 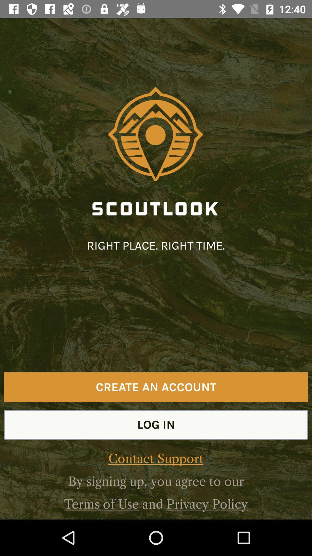 What do you see at coordinates (101, 504) in the screenshot?
I see `the icon next to the  and  item` at bounding box center [101, 504].